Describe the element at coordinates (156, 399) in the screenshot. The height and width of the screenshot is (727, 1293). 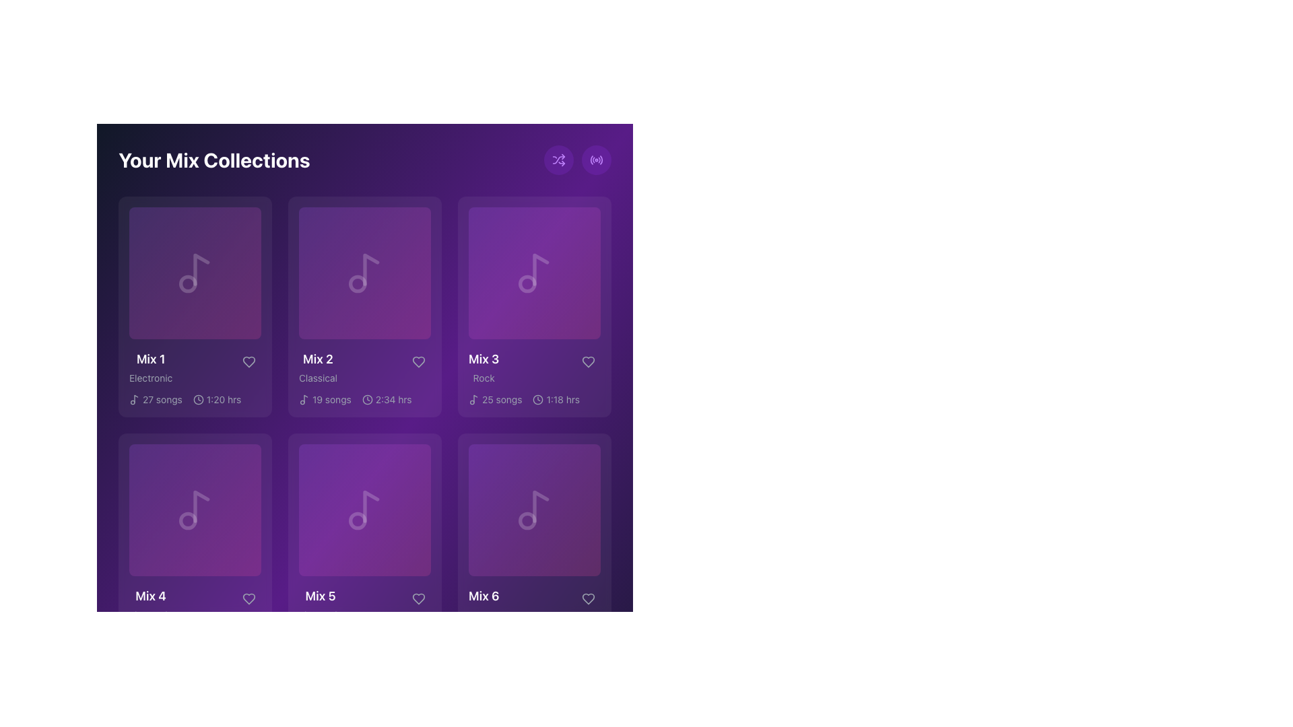
I see `text label indicating the number of songs in the 'Mix 1' collection, located in the lower left corner of the card labeled 'Mix 1' in the 'Your Mix Collections' section` at that location.